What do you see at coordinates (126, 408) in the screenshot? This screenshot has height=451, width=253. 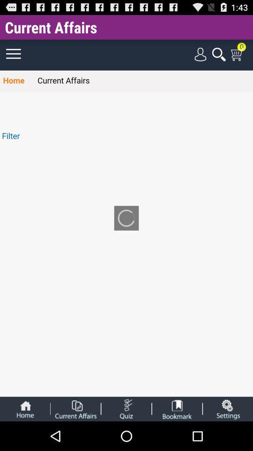 I see `take a quiz` at bounding box center [126, 408].